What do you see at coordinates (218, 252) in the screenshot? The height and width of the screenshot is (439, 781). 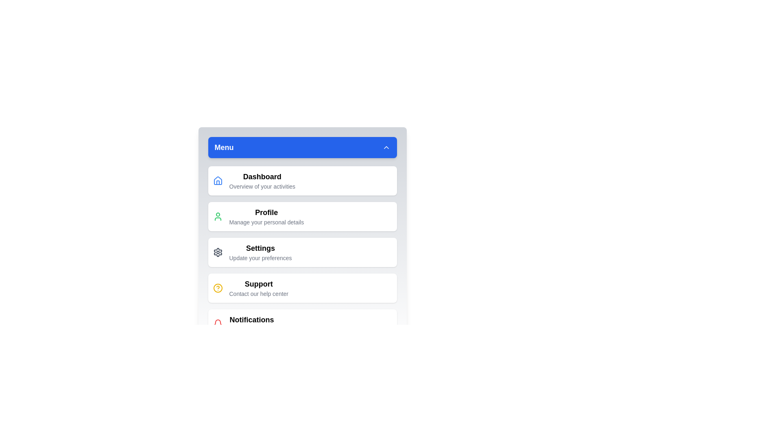 I see `the settings icon located in the top-left corner of the 'Settings' tile, which visually represents the settings functionality within the application interface` at bounding box center [218, 252].